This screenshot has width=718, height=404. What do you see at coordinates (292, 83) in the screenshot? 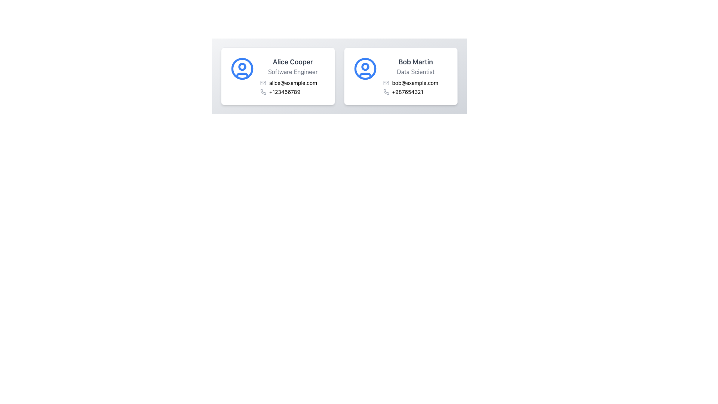
I see `the email hyperlink displaying Alice Cooper's email address` at bounding box center [292, 83].